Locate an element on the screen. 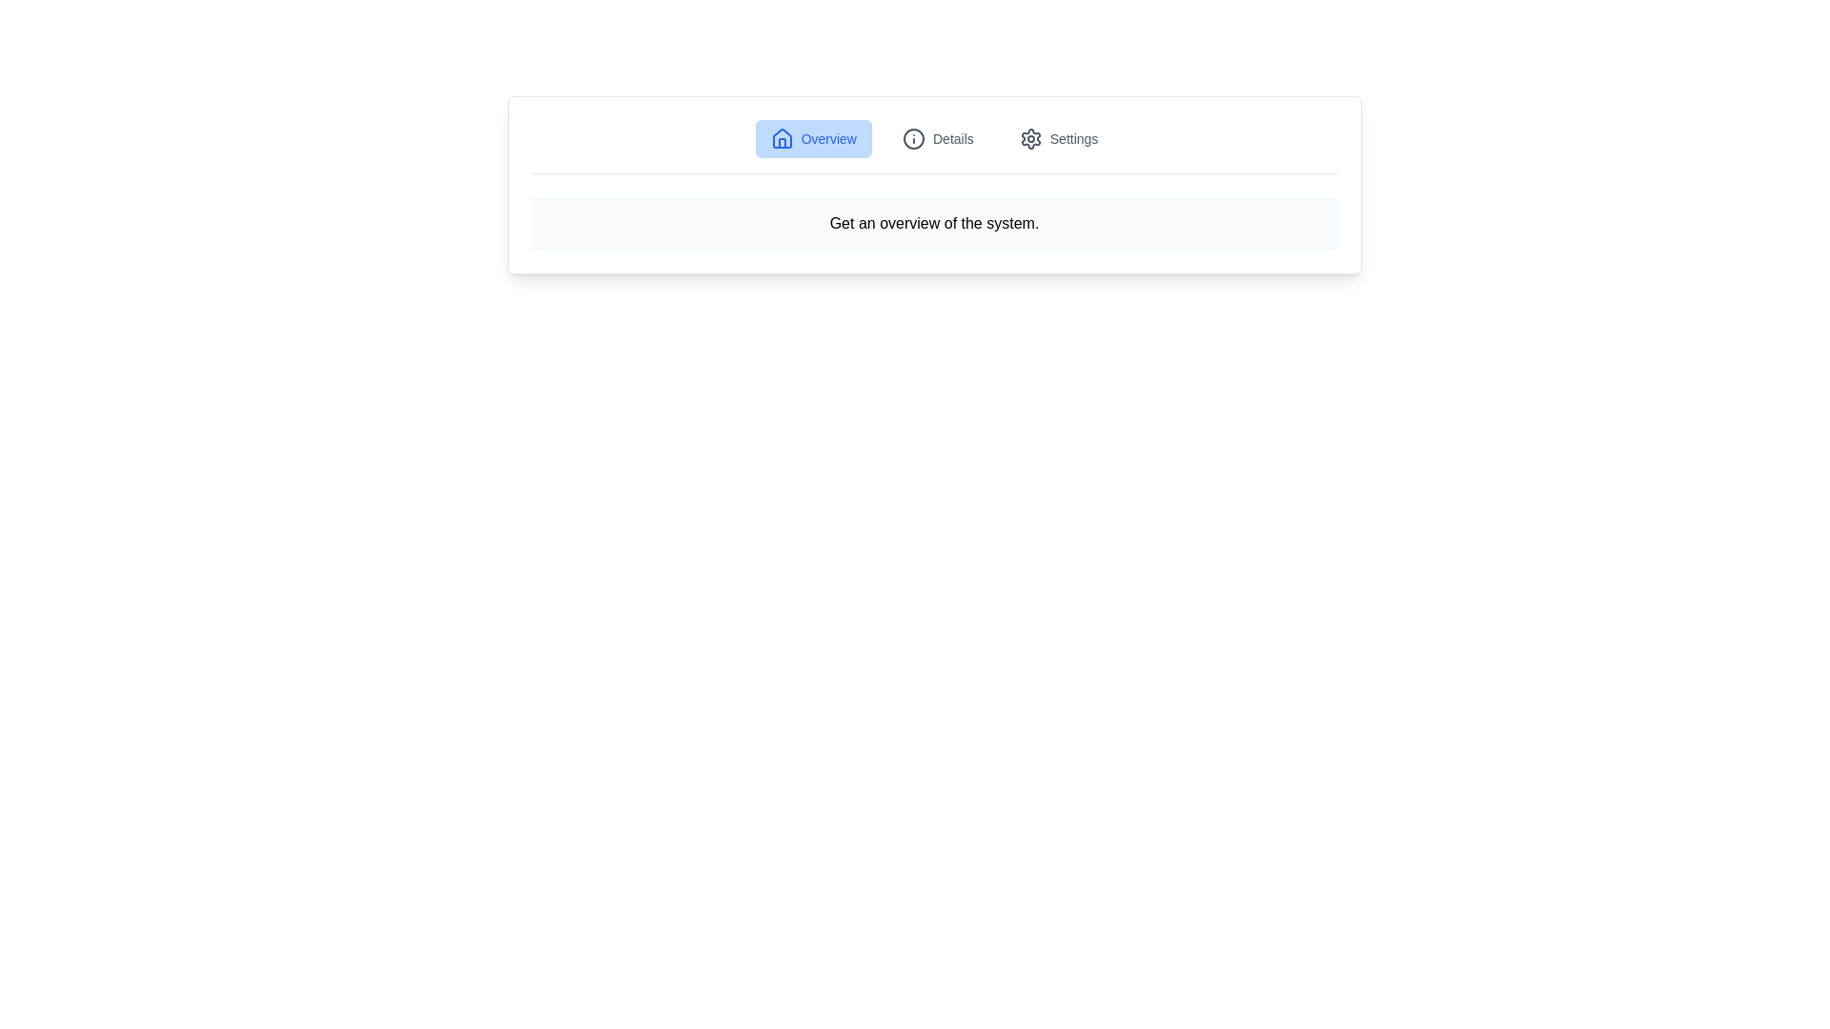  the 'Overview' text label within the button component in the navigation bar is located at coordinates (828, 138).